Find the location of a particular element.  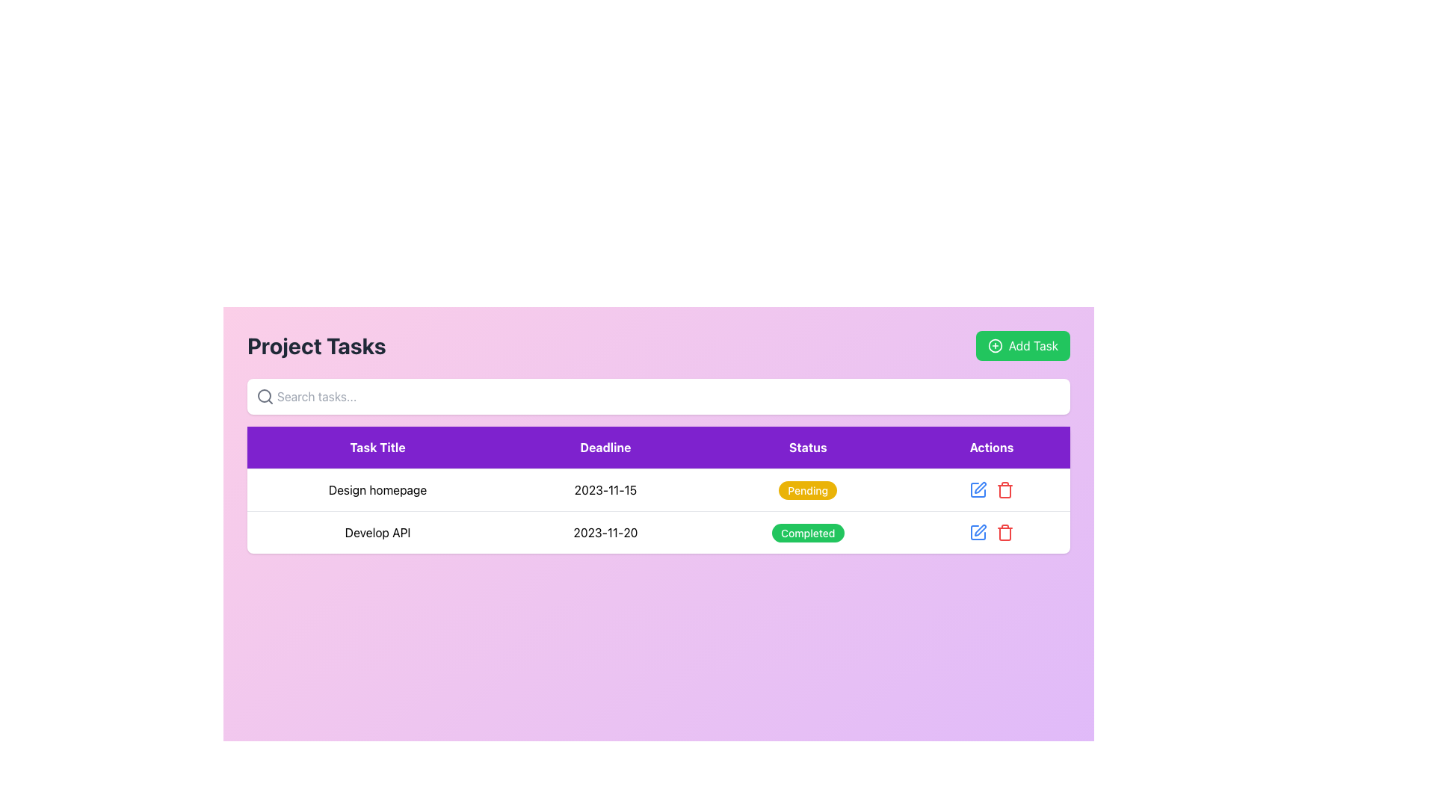

the pen icon in the 'Actions' column of the second row of the task table is located at coordinates (980, 487).